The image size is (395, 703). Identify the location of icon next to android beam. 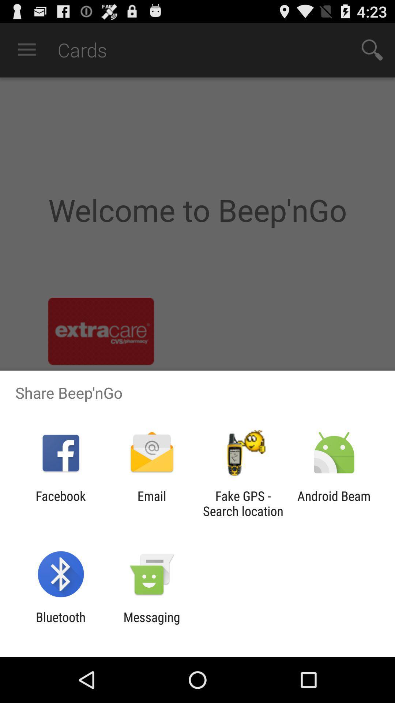
(243, 503).